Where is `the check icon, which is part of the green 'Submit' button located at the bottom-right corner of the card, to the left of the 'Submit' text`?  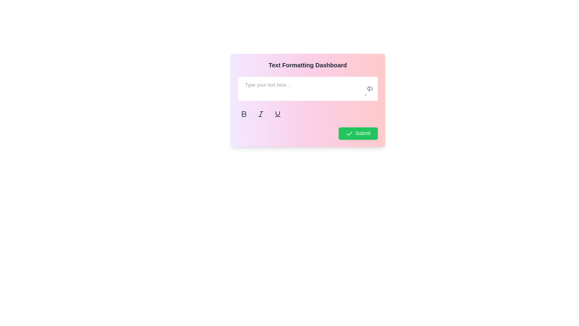 the check icon, which is part of the green 'Submit' button located at the bottom-right corner of the card, to the left of the 'Submit' text is located at coordinates (349, 133).